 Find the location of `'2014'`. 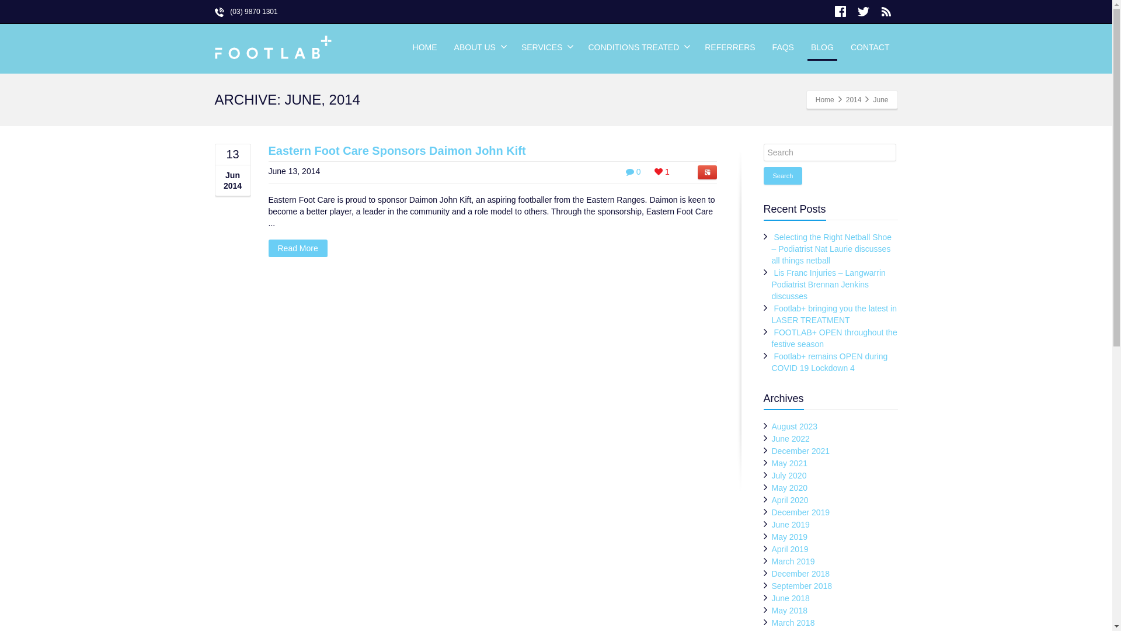

'2014' is located at coordinates (854, 99).